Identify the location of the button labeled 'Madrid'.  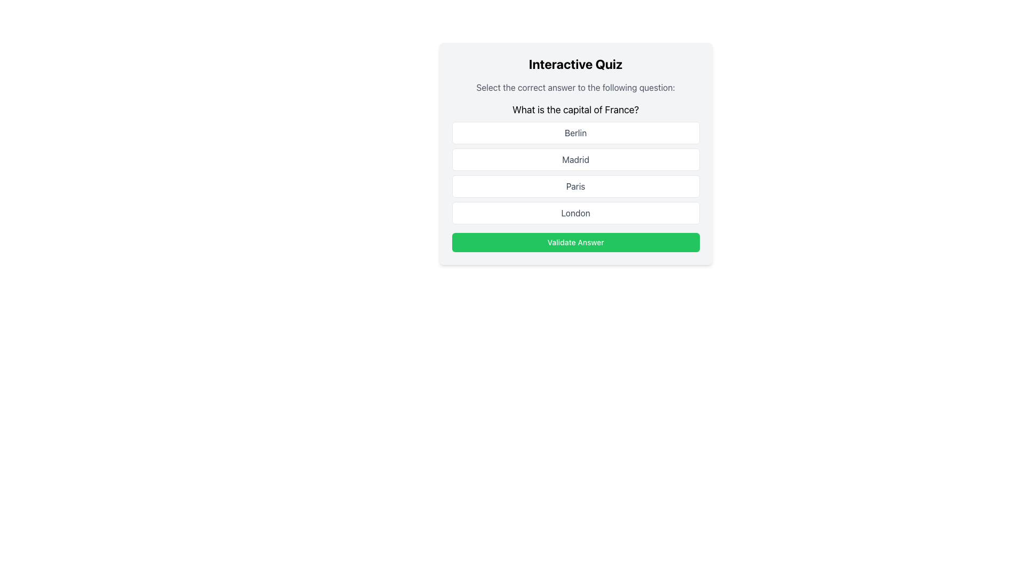
(575, 154).